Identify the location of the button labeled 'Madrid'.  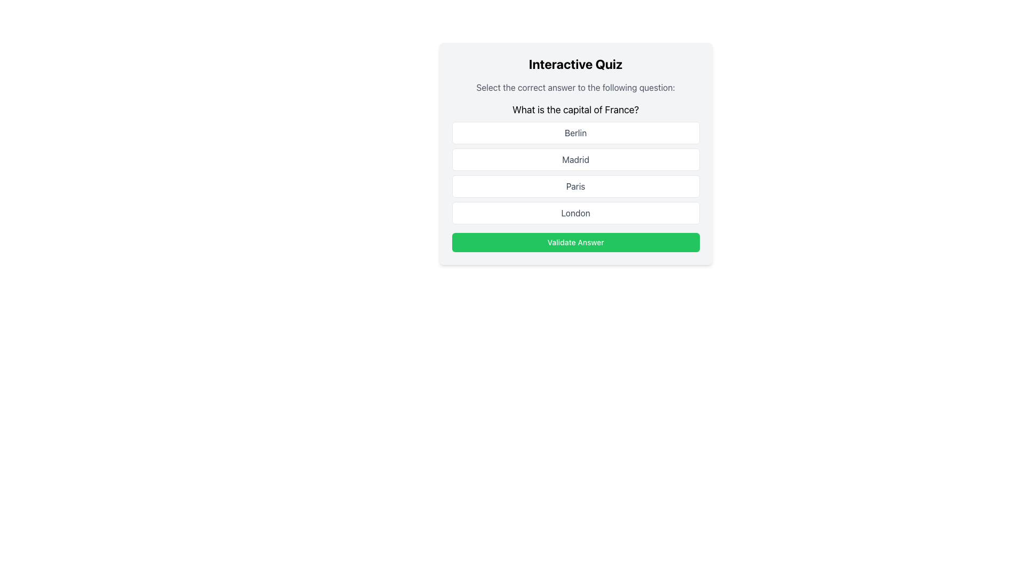
(575, 154).